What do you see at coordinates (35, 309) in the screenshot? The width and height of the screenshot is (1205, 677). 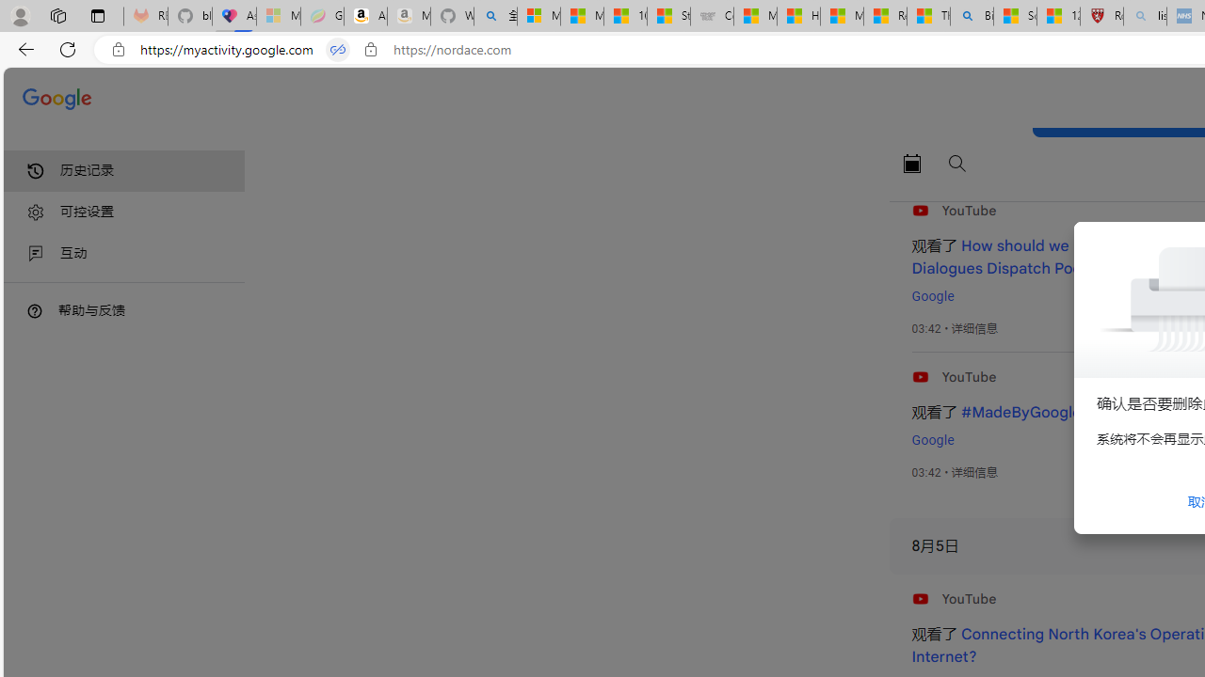 I see `'Class: DTiKkd NMm5M'` at bounding box center [35, 309].